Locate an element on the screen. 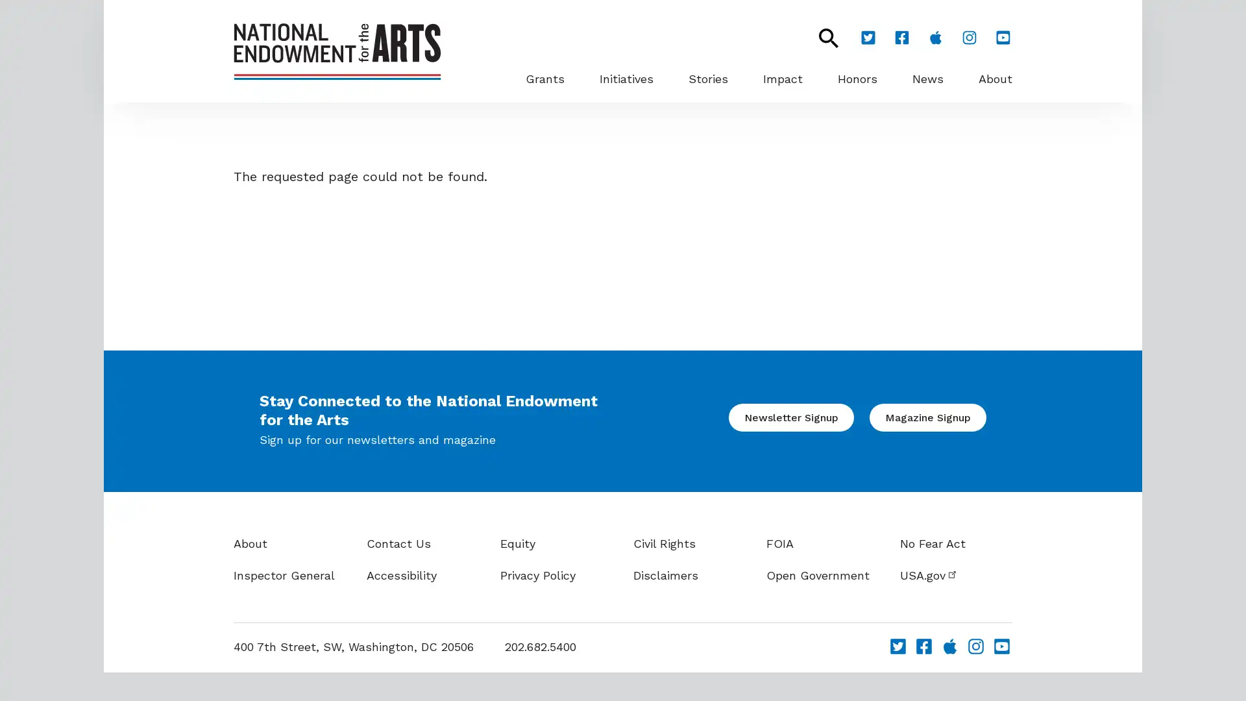  Close Search is located at coordinates (821, 37).